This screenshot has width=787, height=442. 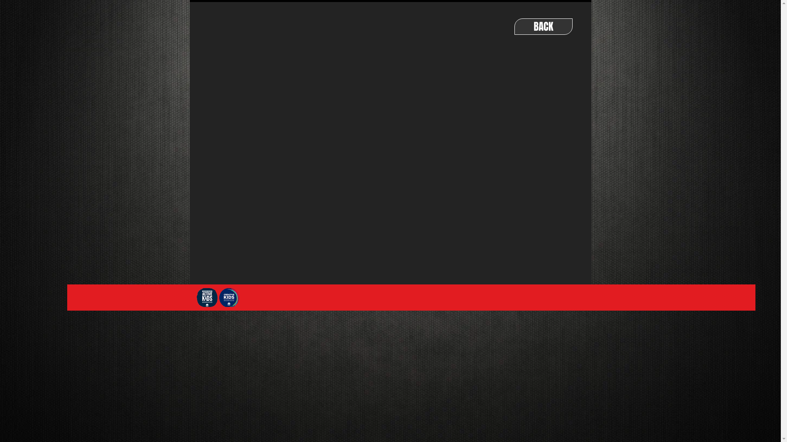 What do you see at coordinates (543, 26) in the screenshot?
I see `'BACK'` at bounding box center [543, 26].